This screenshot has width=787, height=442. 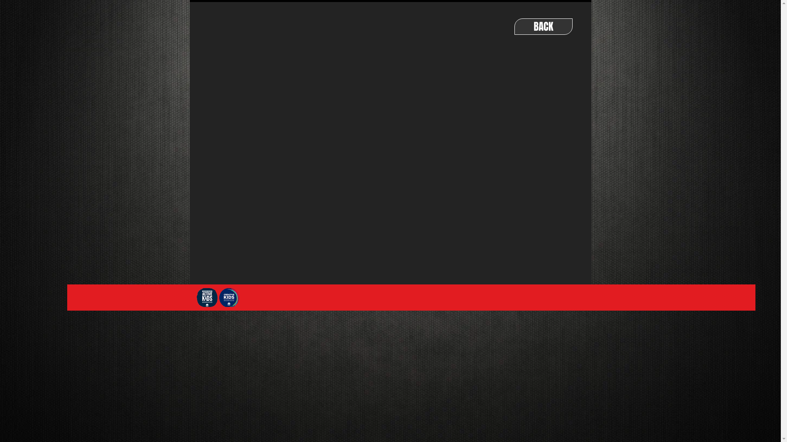 What do you see at coordinates (543, 26) in the screenshot?
I see `'BACK'` at bounding box center [543, 26].